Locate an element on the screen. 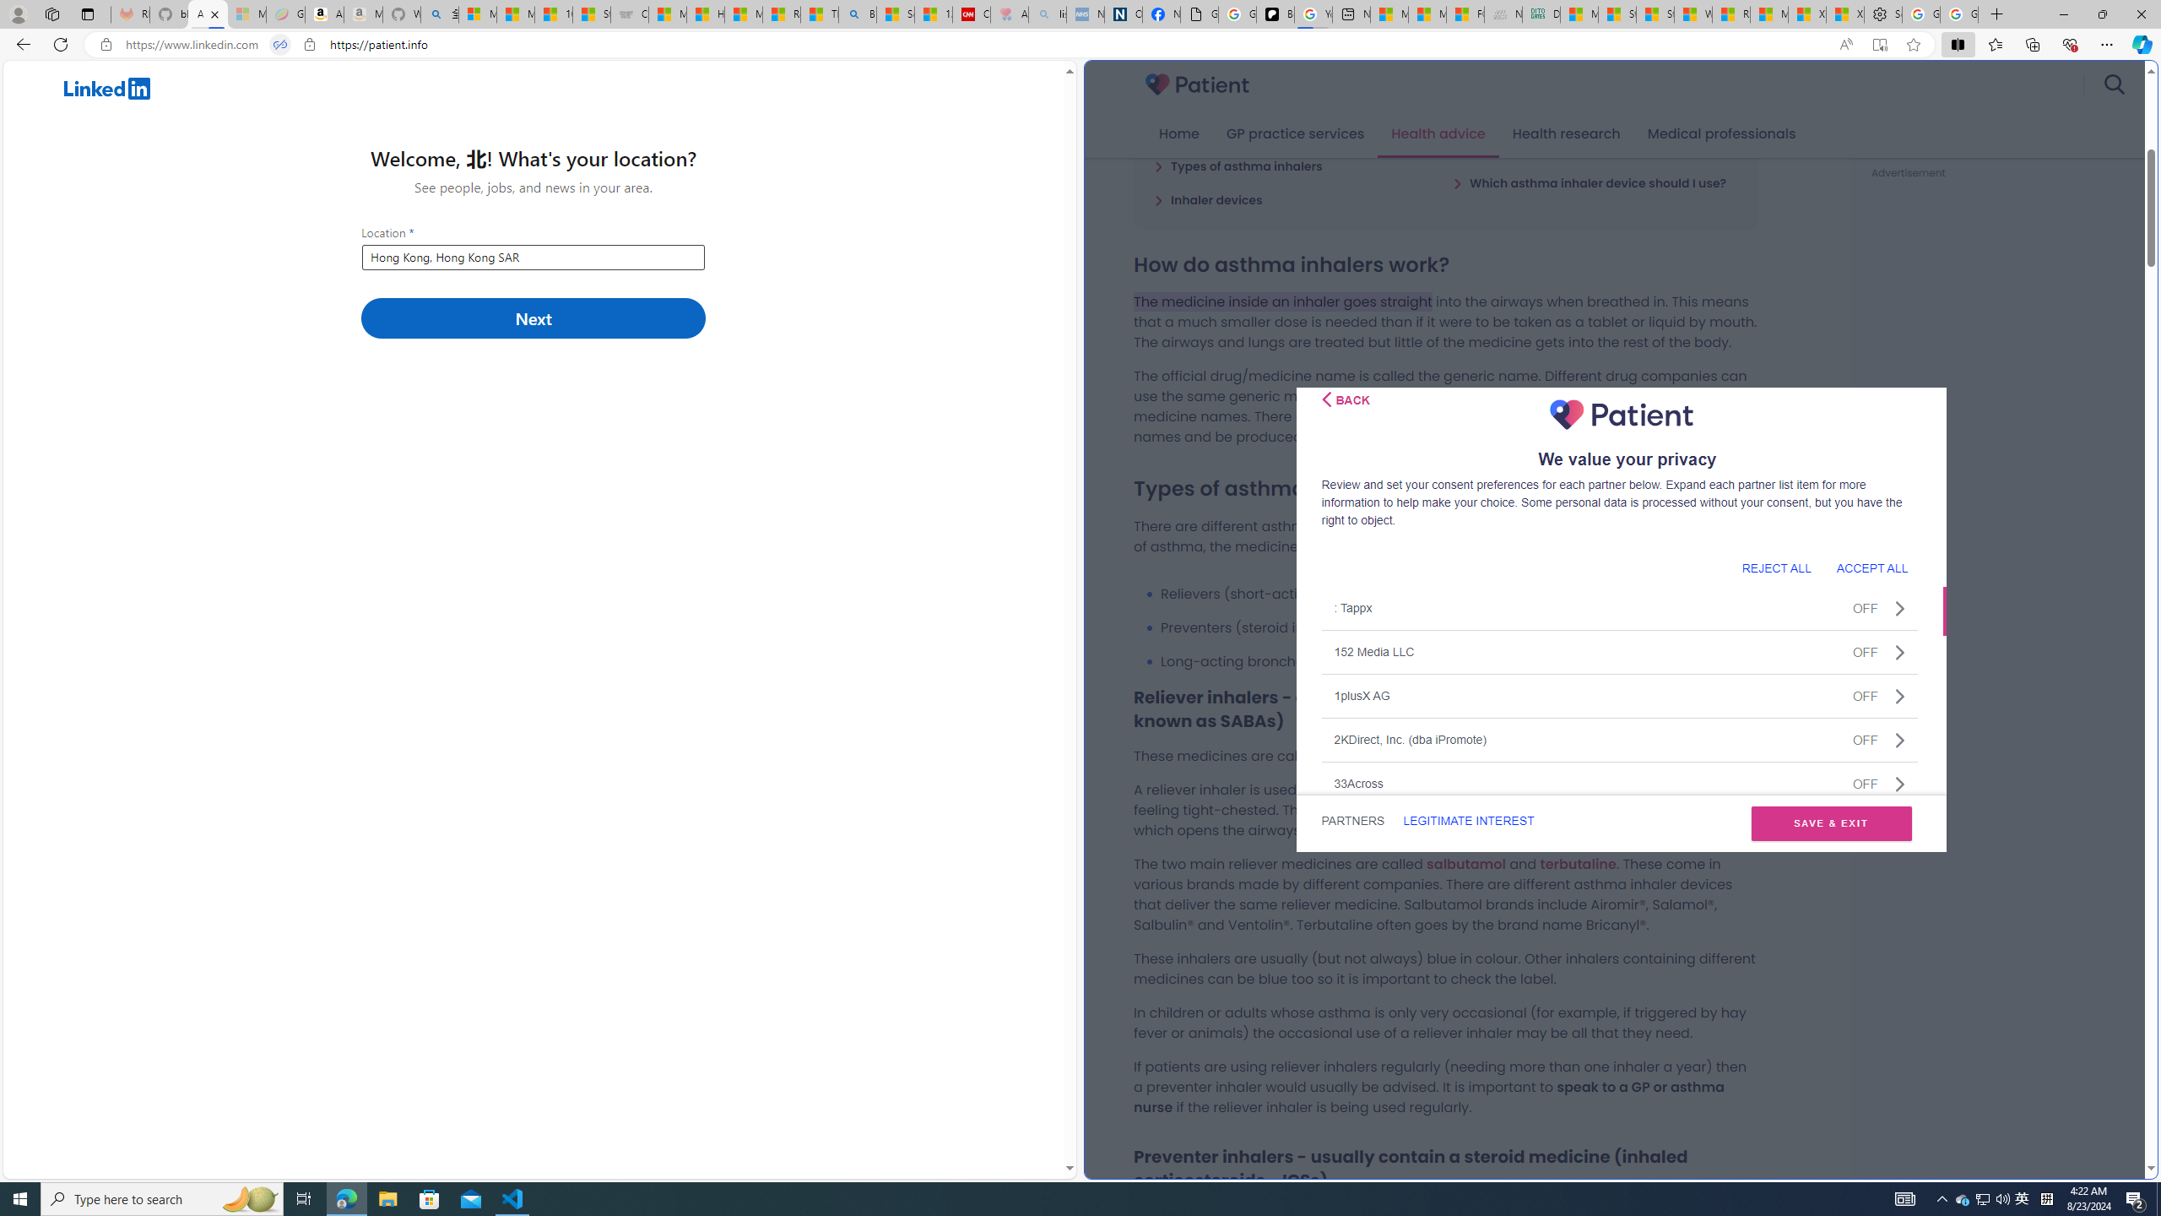  'terbutaline' is located at coordinates (1576, 863).